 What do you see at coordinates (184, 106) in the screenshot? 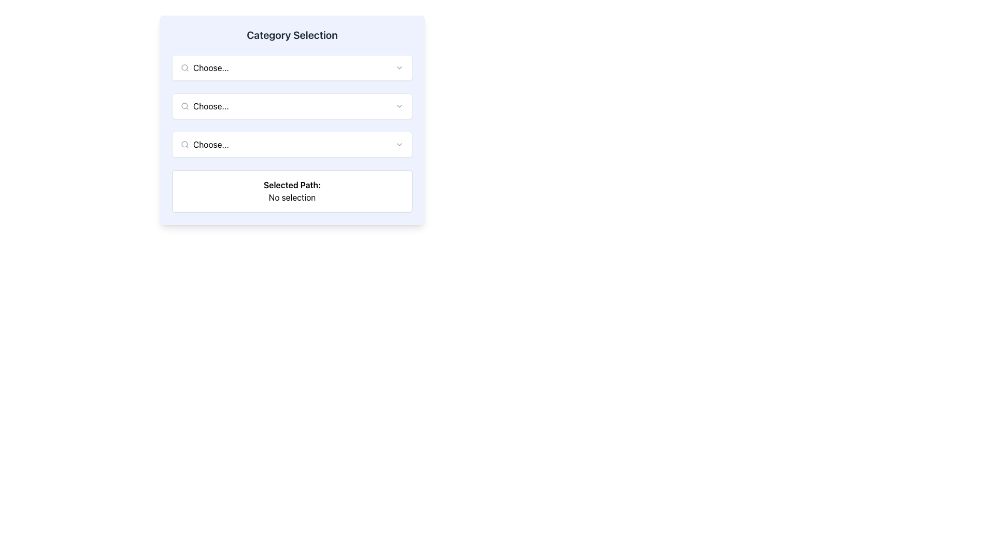
I see `the search/selection icon located on the left side of the second dropdown field labeled 'Choose...'` at bounding box center [184, 106].